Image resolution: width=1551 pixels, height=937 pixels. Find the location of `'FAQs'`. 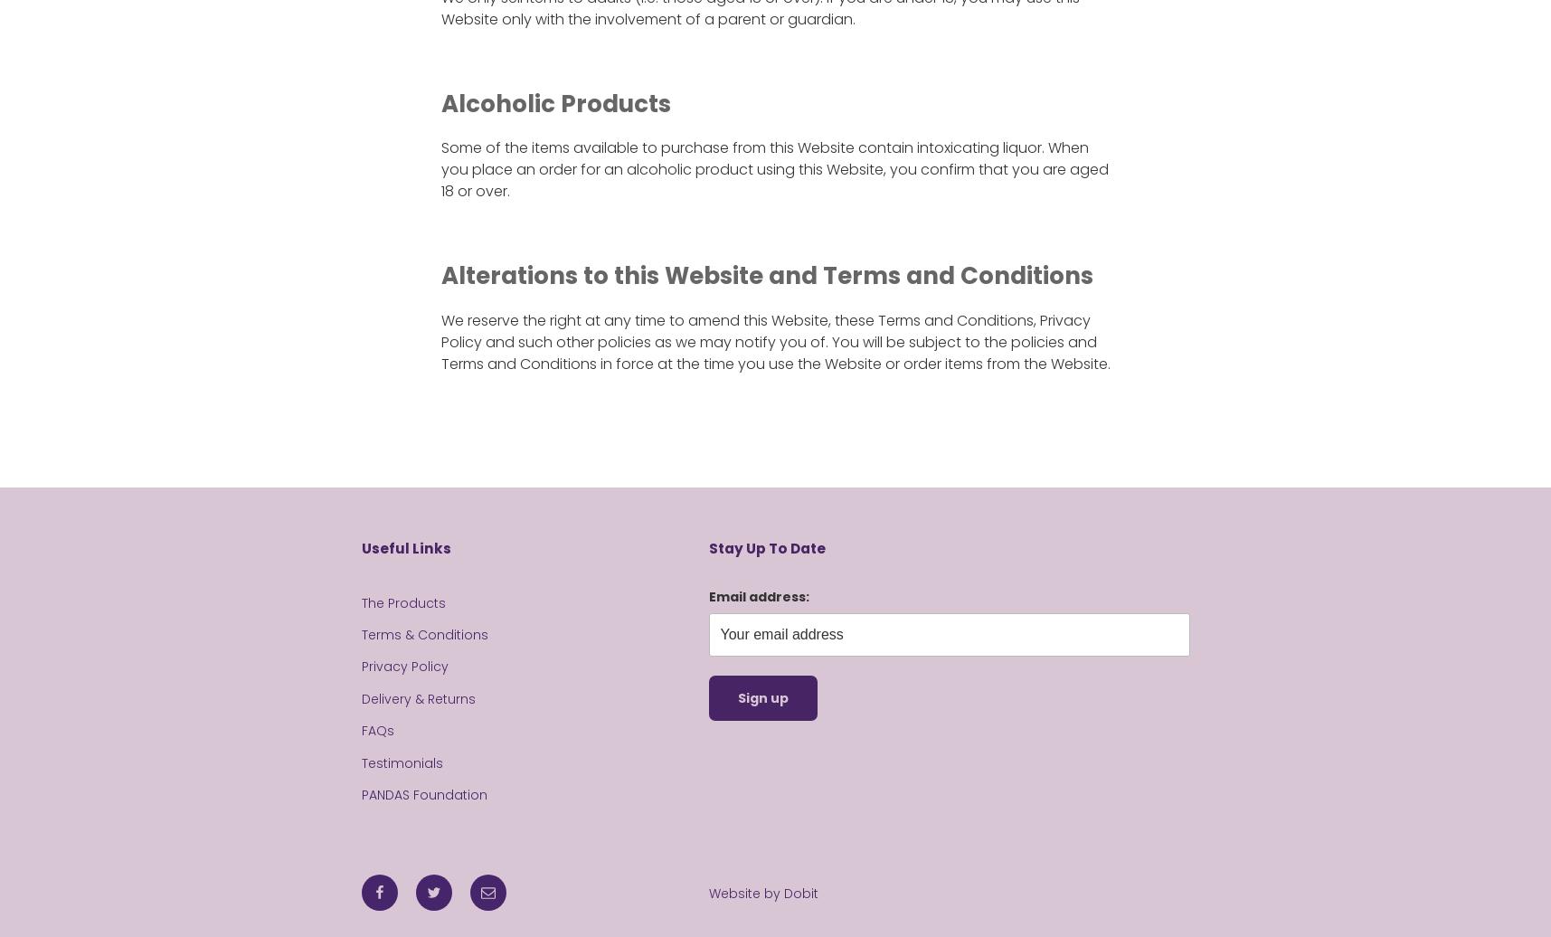

'FAQs' is located at coordinates (376, 730).